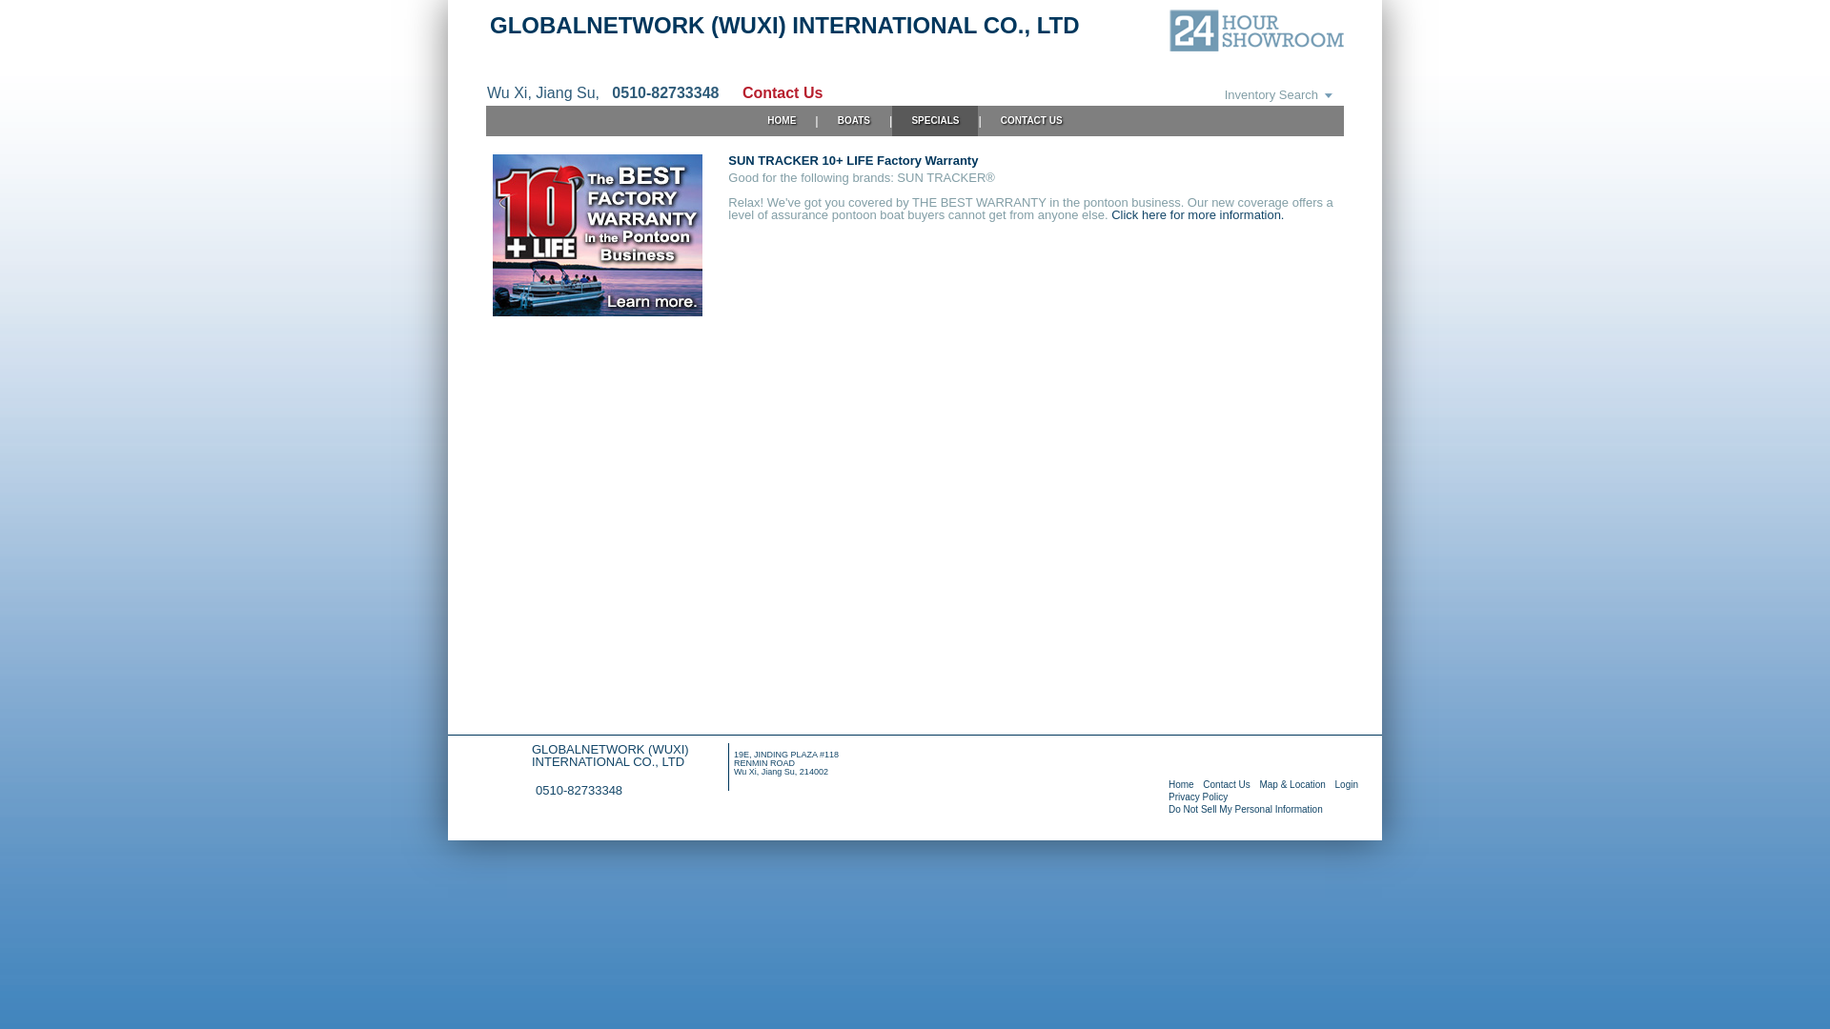 The width and height of the screenshot is (1830, 1029). I want to click on 'Click here for more information.', so click(1111, 214).